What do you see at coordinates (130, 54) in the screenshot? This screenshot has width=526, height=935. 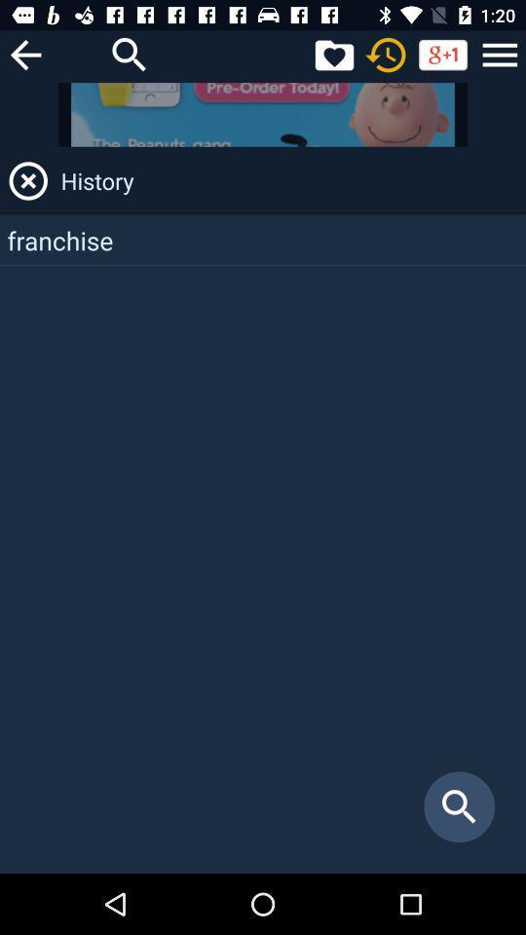 I see `search option` at bounding box center [130, 54].